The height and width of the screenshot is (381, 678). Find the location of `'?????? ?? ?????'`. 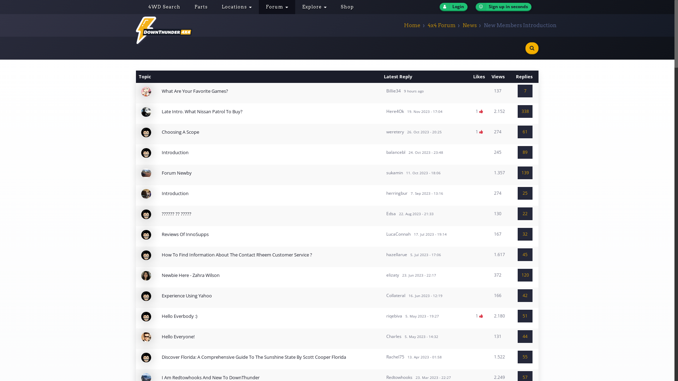

'?????? ?? ?????' is located at coordinates (176, 213).